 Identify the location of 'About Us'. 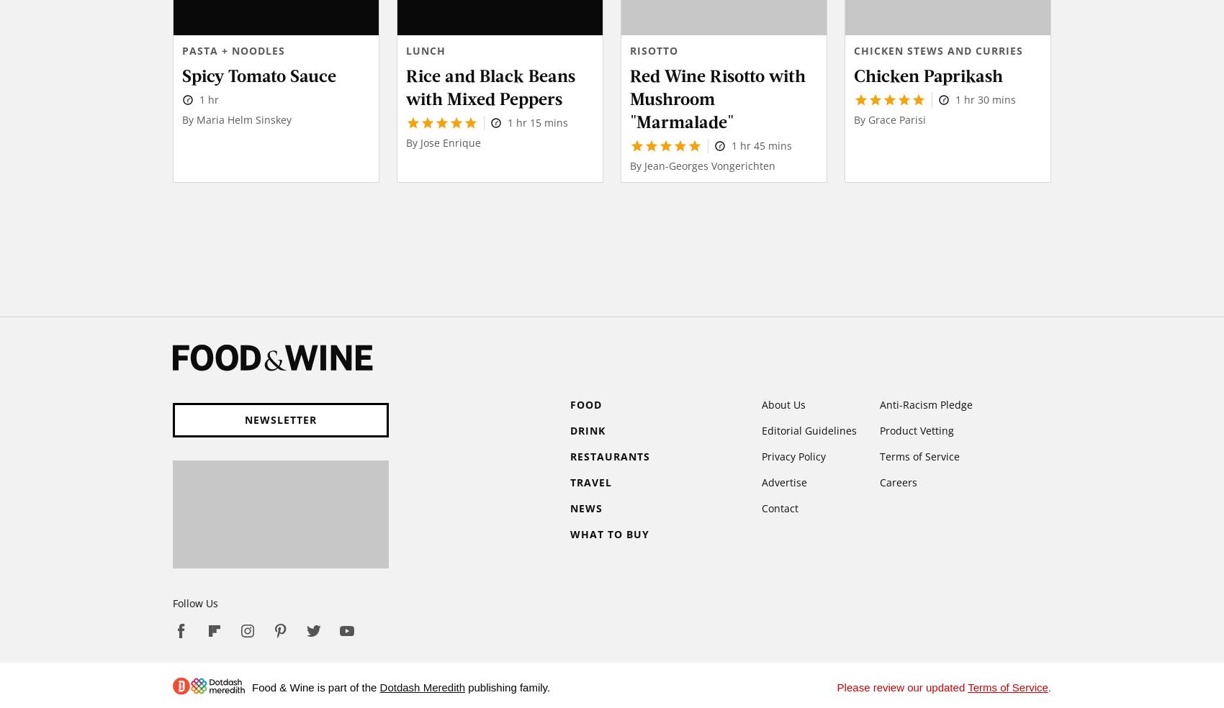
(760, 403).